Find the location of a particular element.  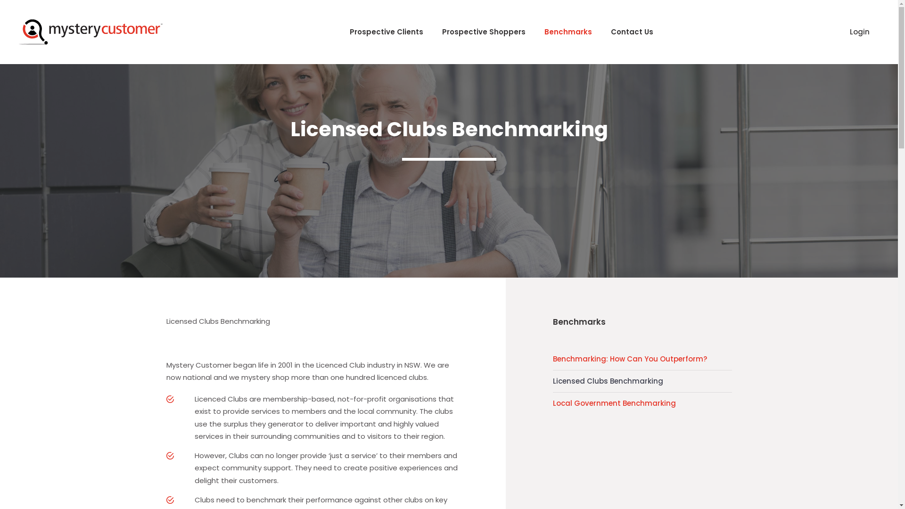

'Prospective Shoppers' is located at coordinates (484, 31).